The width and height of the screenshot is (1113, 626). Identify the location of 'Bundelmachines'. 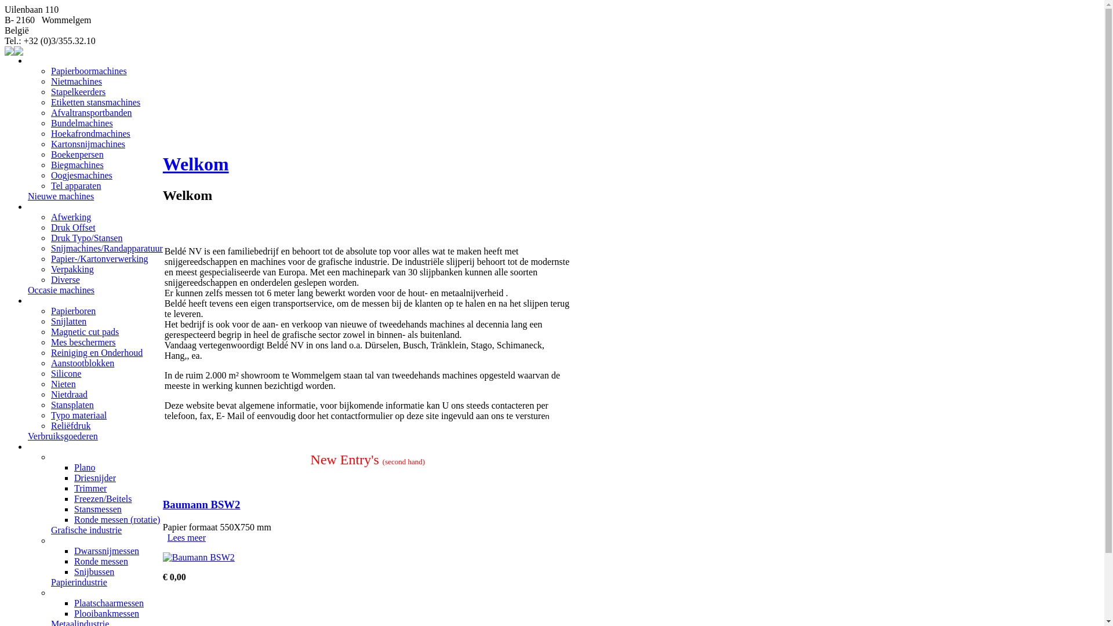
(81, 123).